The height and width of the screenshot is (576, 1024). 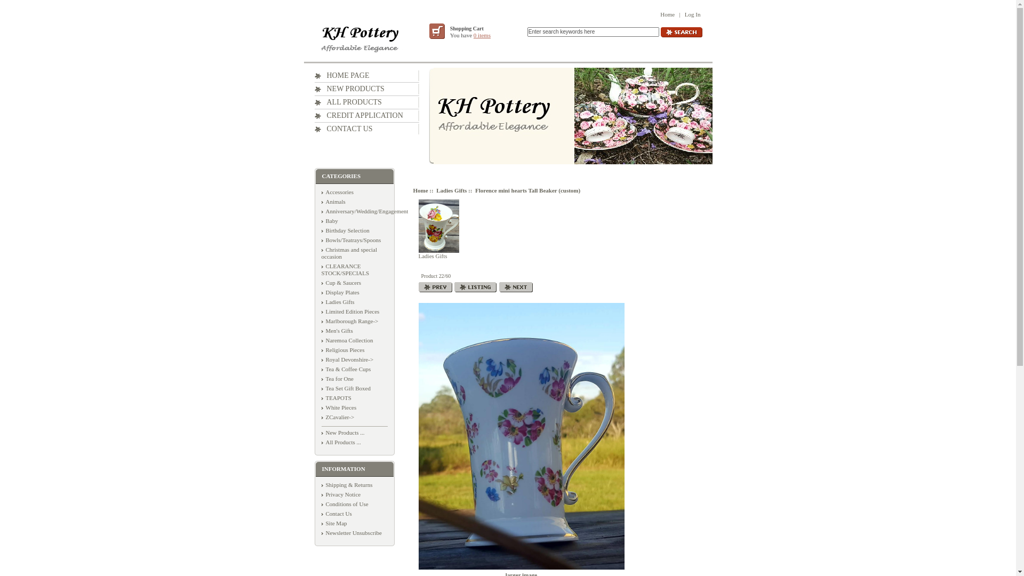 What do you see at coordinates (337, 417) in the screenshot?
I see `'ZCavalier->'` at bounding box center [337, 417].